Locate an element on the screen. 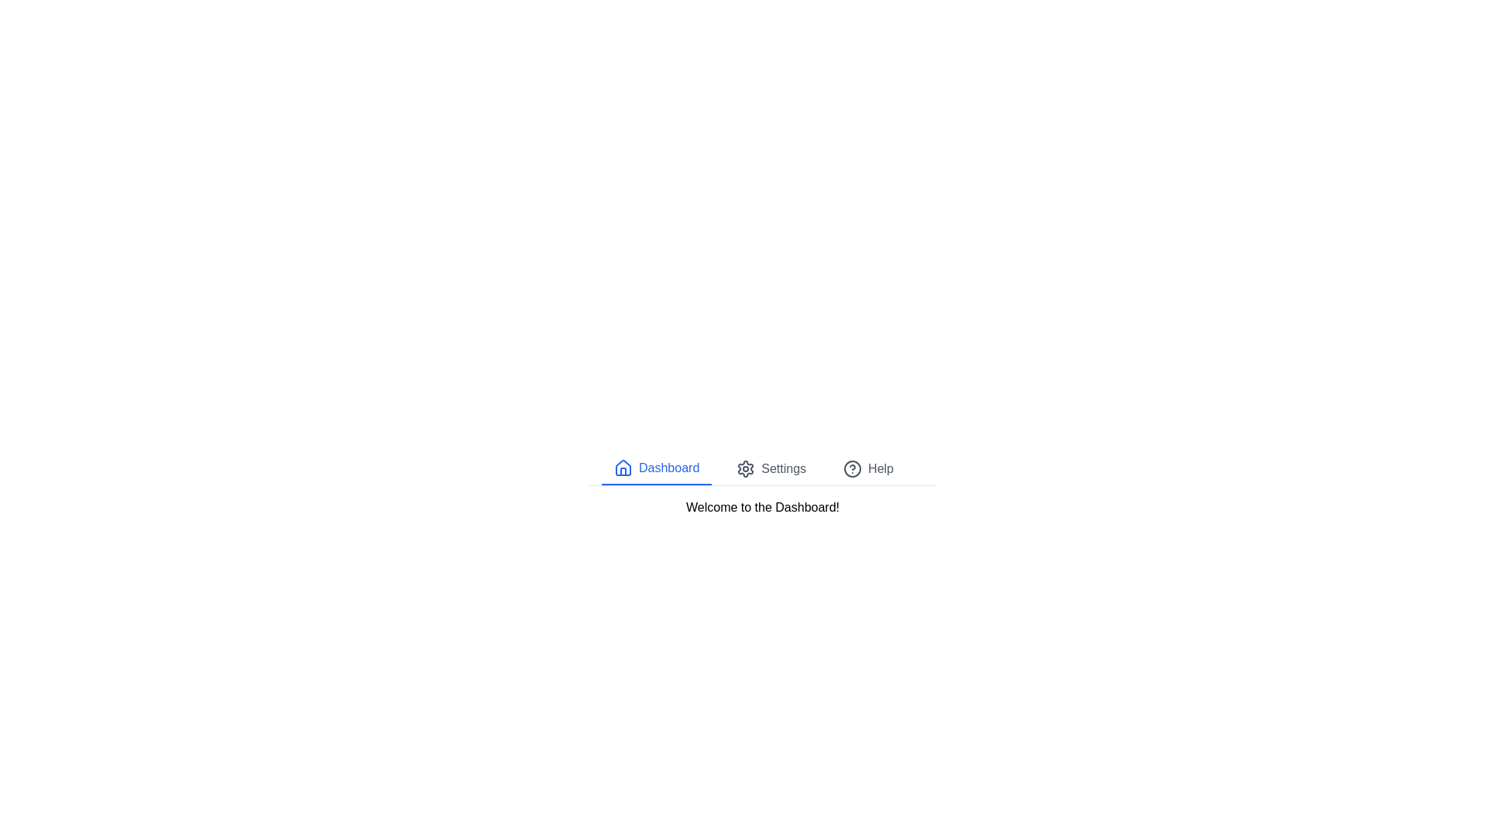 Image resolution: width=1487 pixels, height=836 pixels. the Settings tab to switch the displayed content is located at coordinates (771, 468).